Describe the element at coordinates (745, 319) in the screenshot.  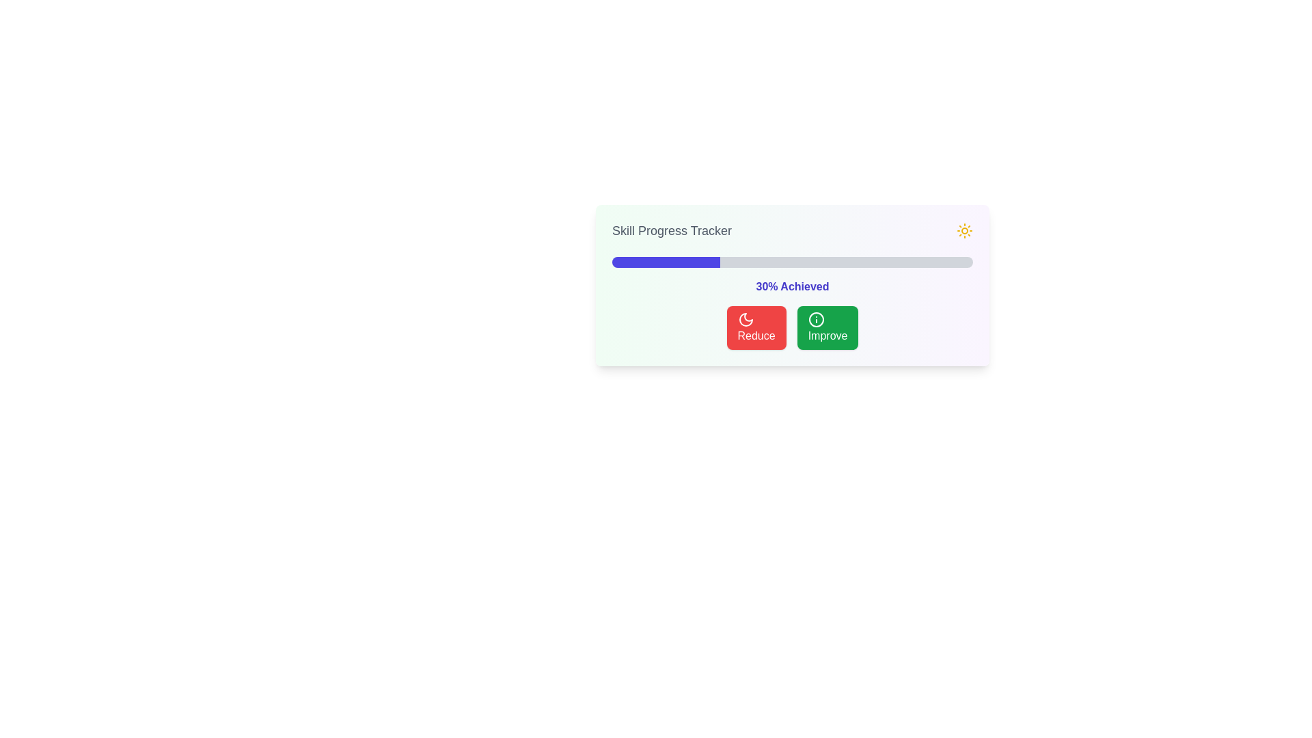
I see `the moon icon located in the top-right corner of the interface, which likely signifies night mode or a related theme` at that location.